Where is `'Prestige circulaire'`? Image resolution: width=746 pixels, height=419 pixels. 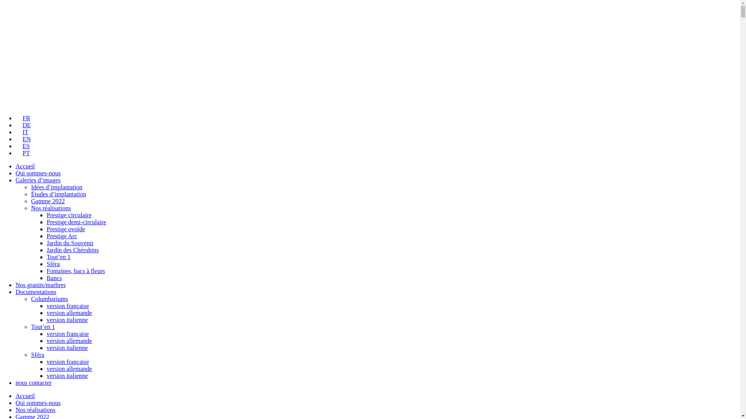 'Prestige circulaire' is located at coordinates (46, 215).